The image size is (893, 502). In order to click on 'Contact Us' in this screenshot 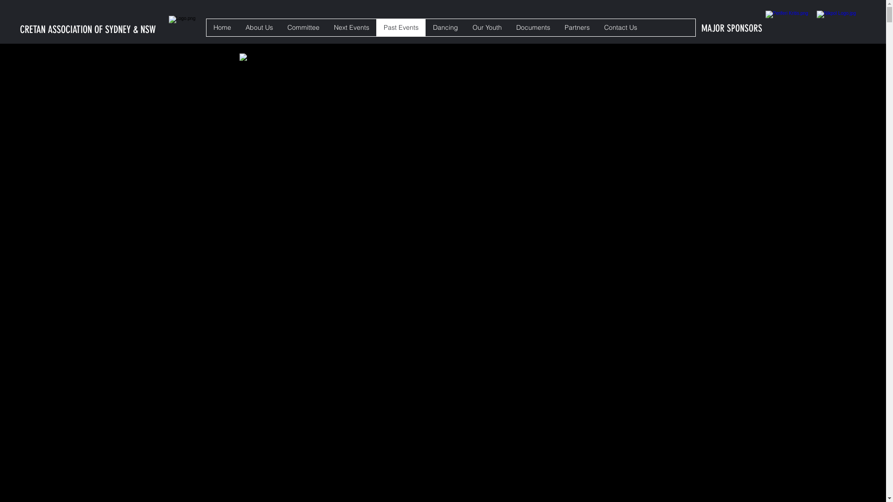, I will do `click(596, 27)`.